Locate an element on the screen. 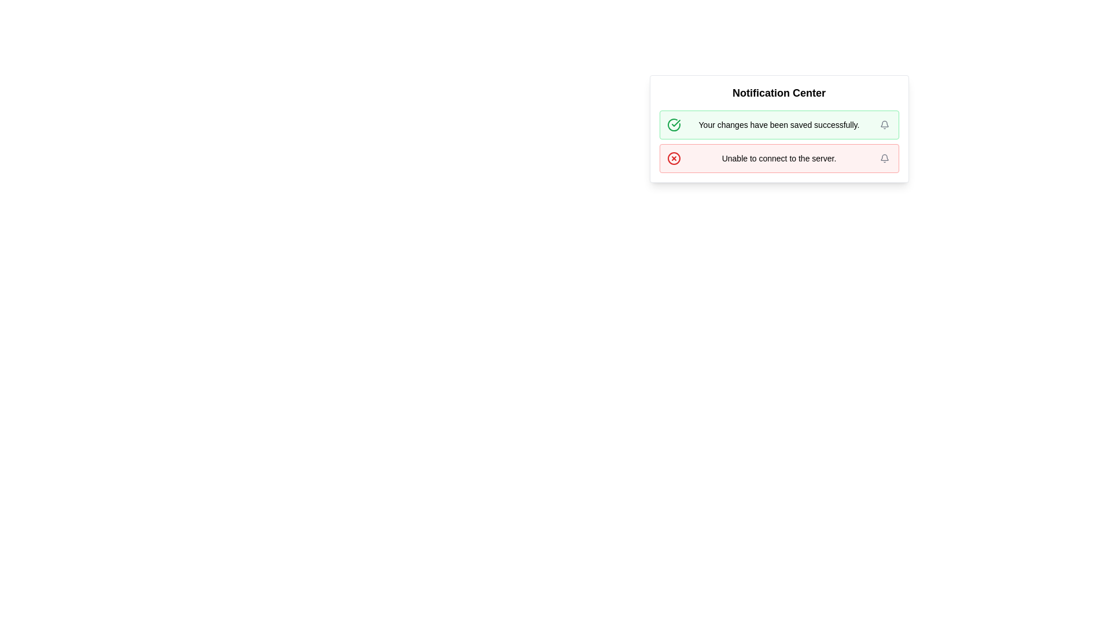 The height and width of the screenshot is (625, 1111). the green checkmark icon indicating a successful operation in the notification area, aligned with the message 'Your changes have been saved successfully.' is located at coordinates (674, 125).